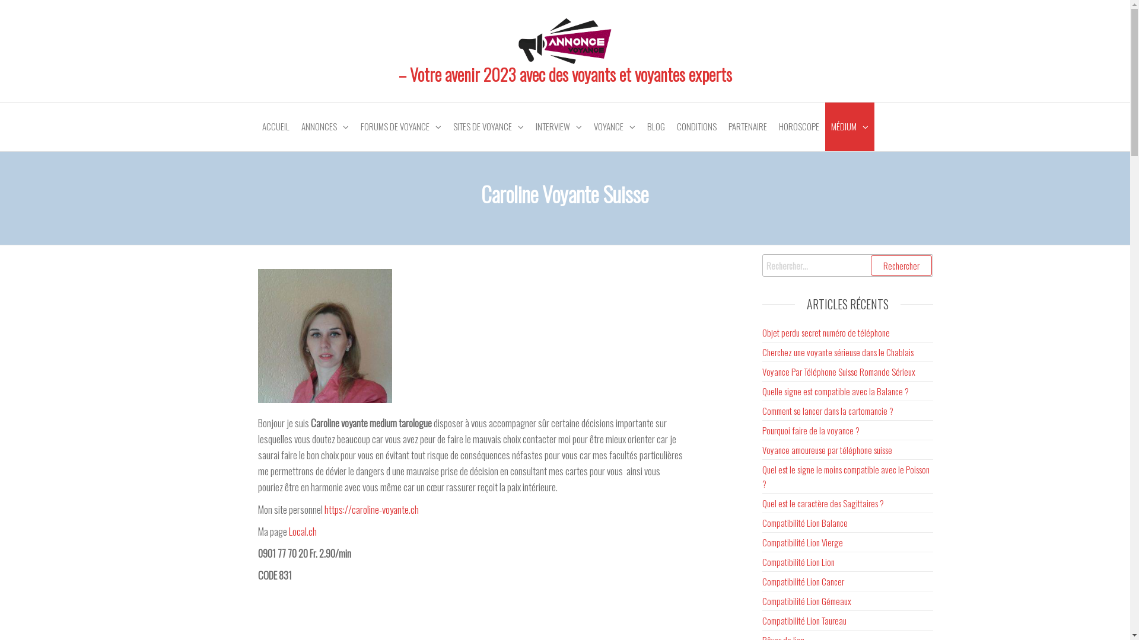  I want to click on 'Quelle signe est compatible avec la Balance ?', so click(835, 391).